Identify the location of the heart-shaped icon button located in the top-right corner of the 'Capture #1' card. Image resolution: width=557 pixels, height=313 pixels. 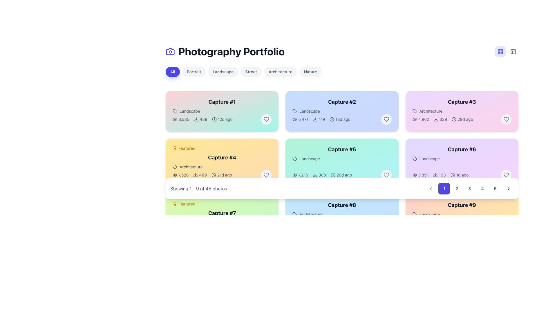
(266, 119).